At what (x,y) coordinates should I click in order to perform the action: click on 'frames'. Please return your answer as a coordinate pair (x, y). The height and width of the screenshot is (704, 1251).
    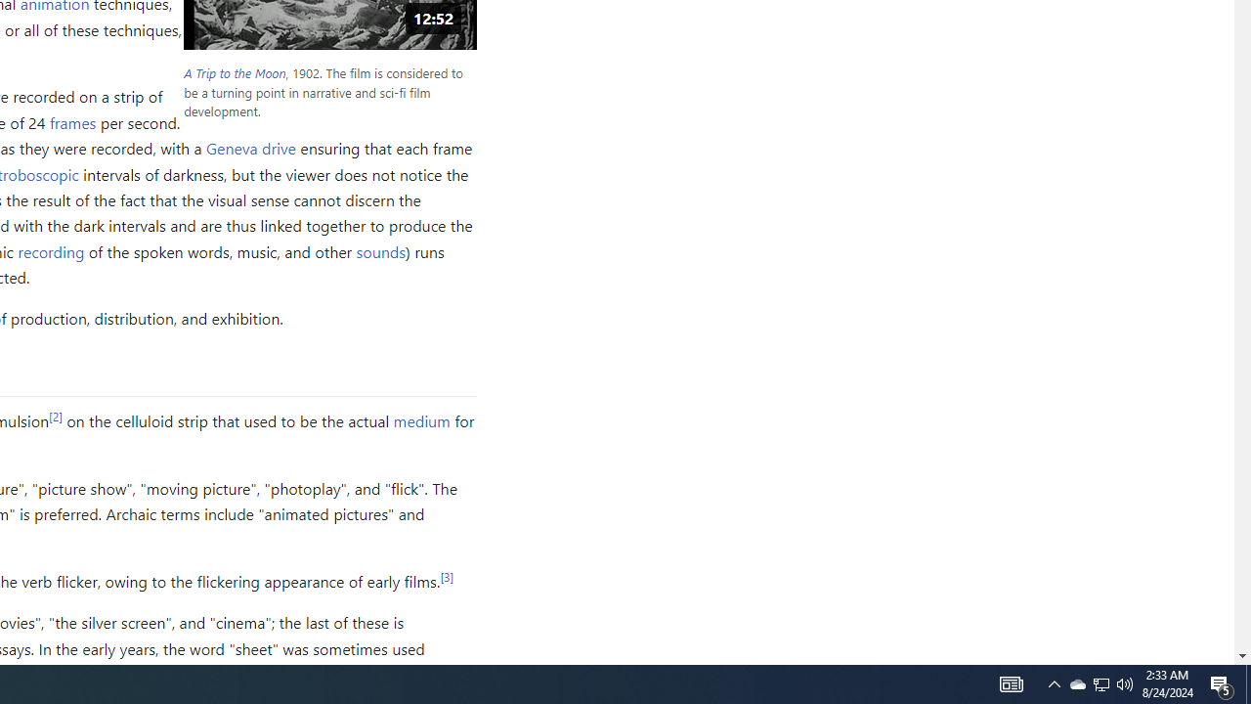
    Looking at the image, I should click on (72, 121).